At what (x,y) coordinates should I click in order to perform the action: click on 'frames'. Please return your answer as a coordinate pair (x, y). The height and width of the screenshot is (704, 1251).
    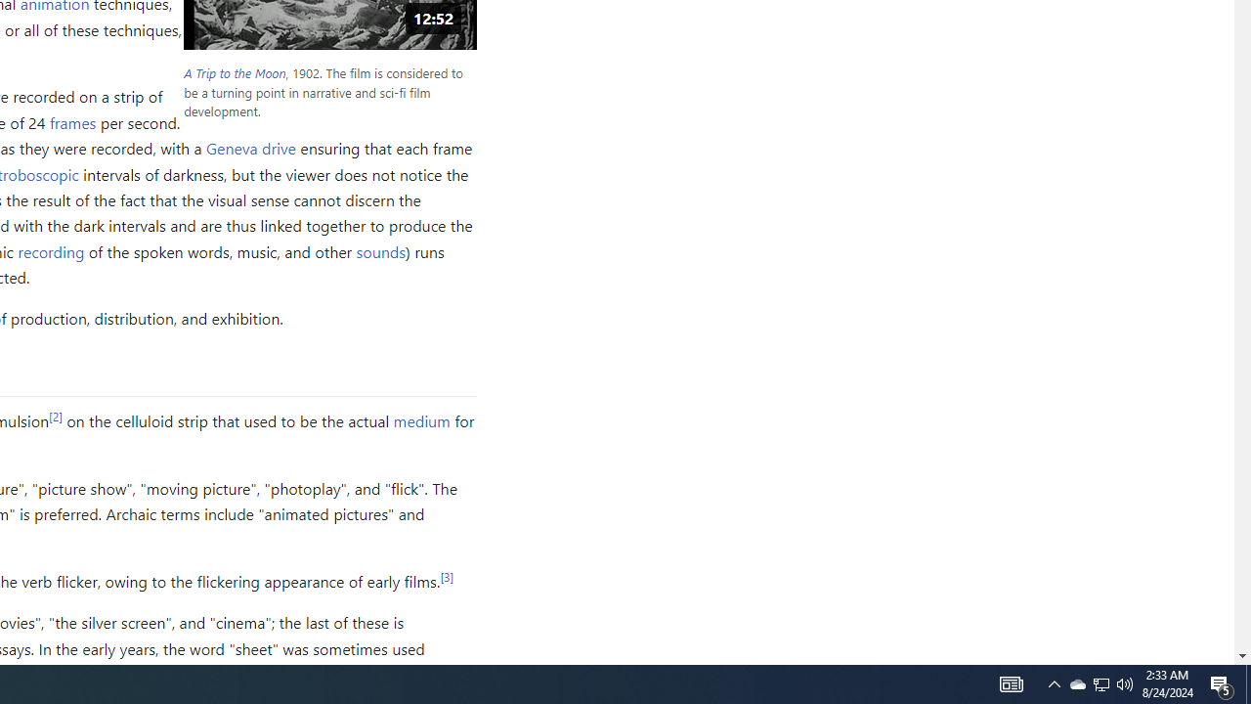
    Looking at the image, I should click on (72, 121).